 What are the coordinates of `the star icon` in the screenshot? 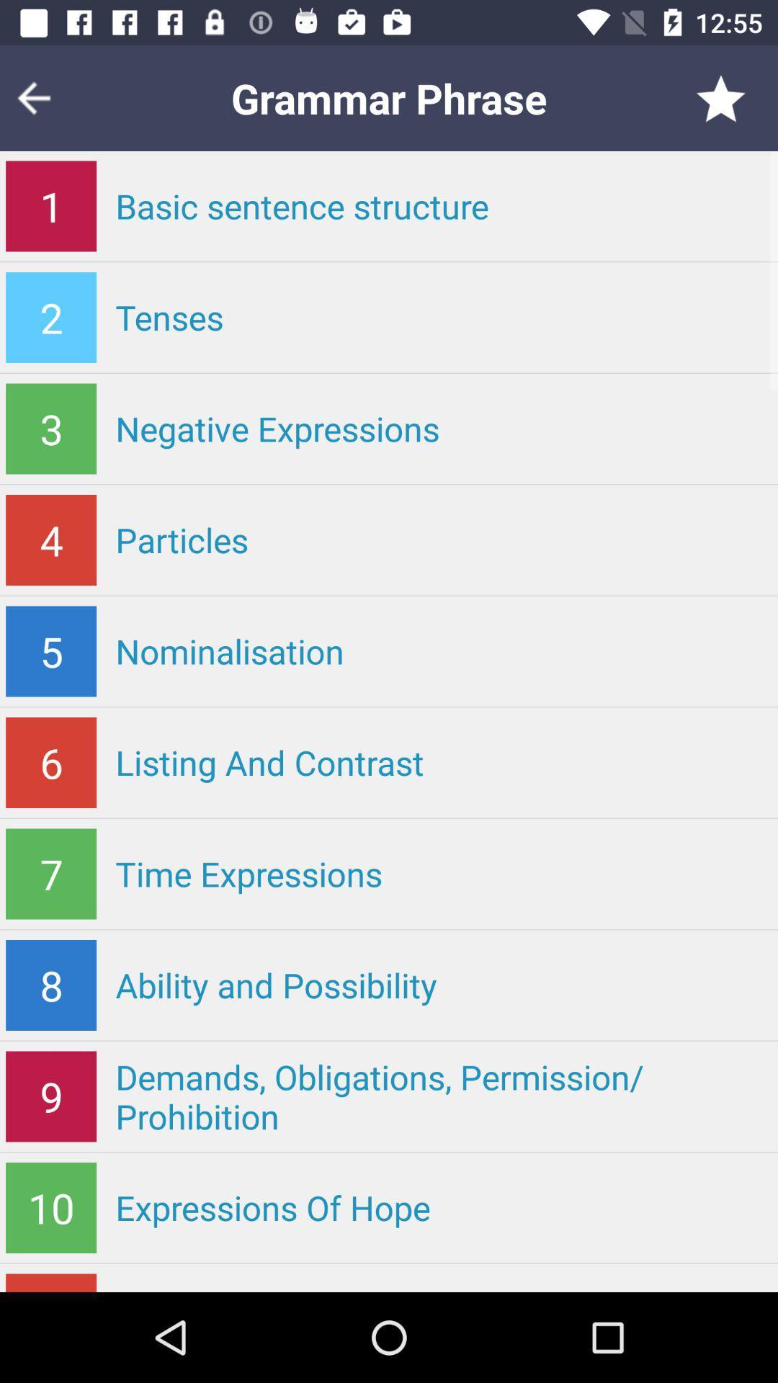 It's located at (710, 97).